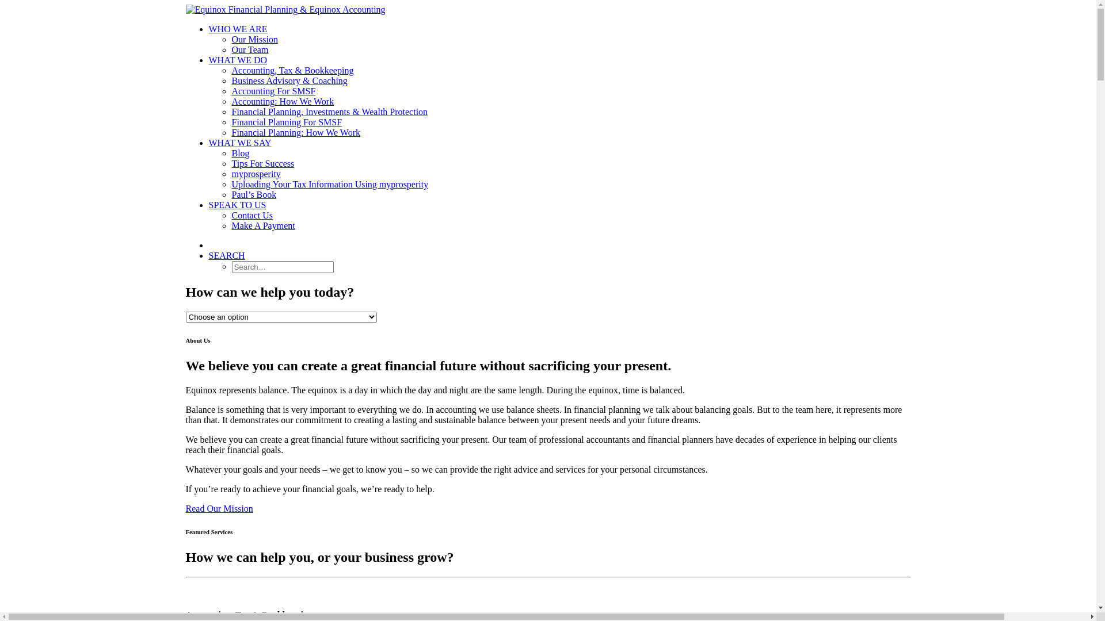 Image resolution: width=1105 pixels, height=621 pixels. Describe the element at coordinates (239, 142) in the screenshot. I see `'WHAT WE SAY'` at that location.